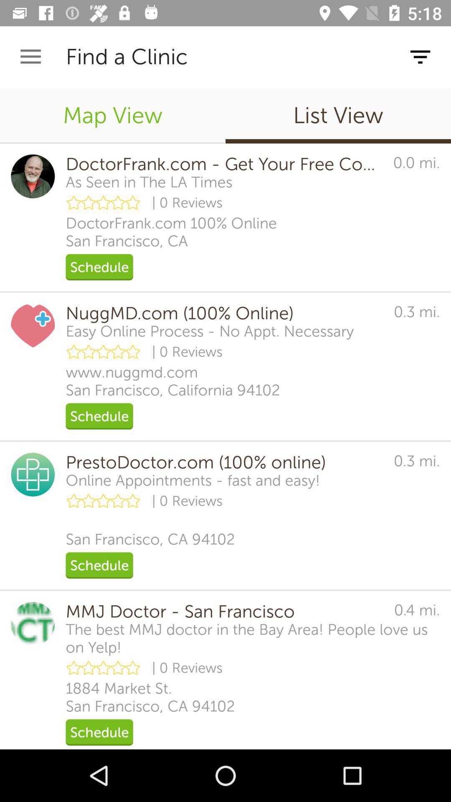 This screenshot has width=451, height=802. What do you see at coordinates (223, 462) in the screenshot?
I see `prestodoctor com 100 item` at bounding box center [223, 462].